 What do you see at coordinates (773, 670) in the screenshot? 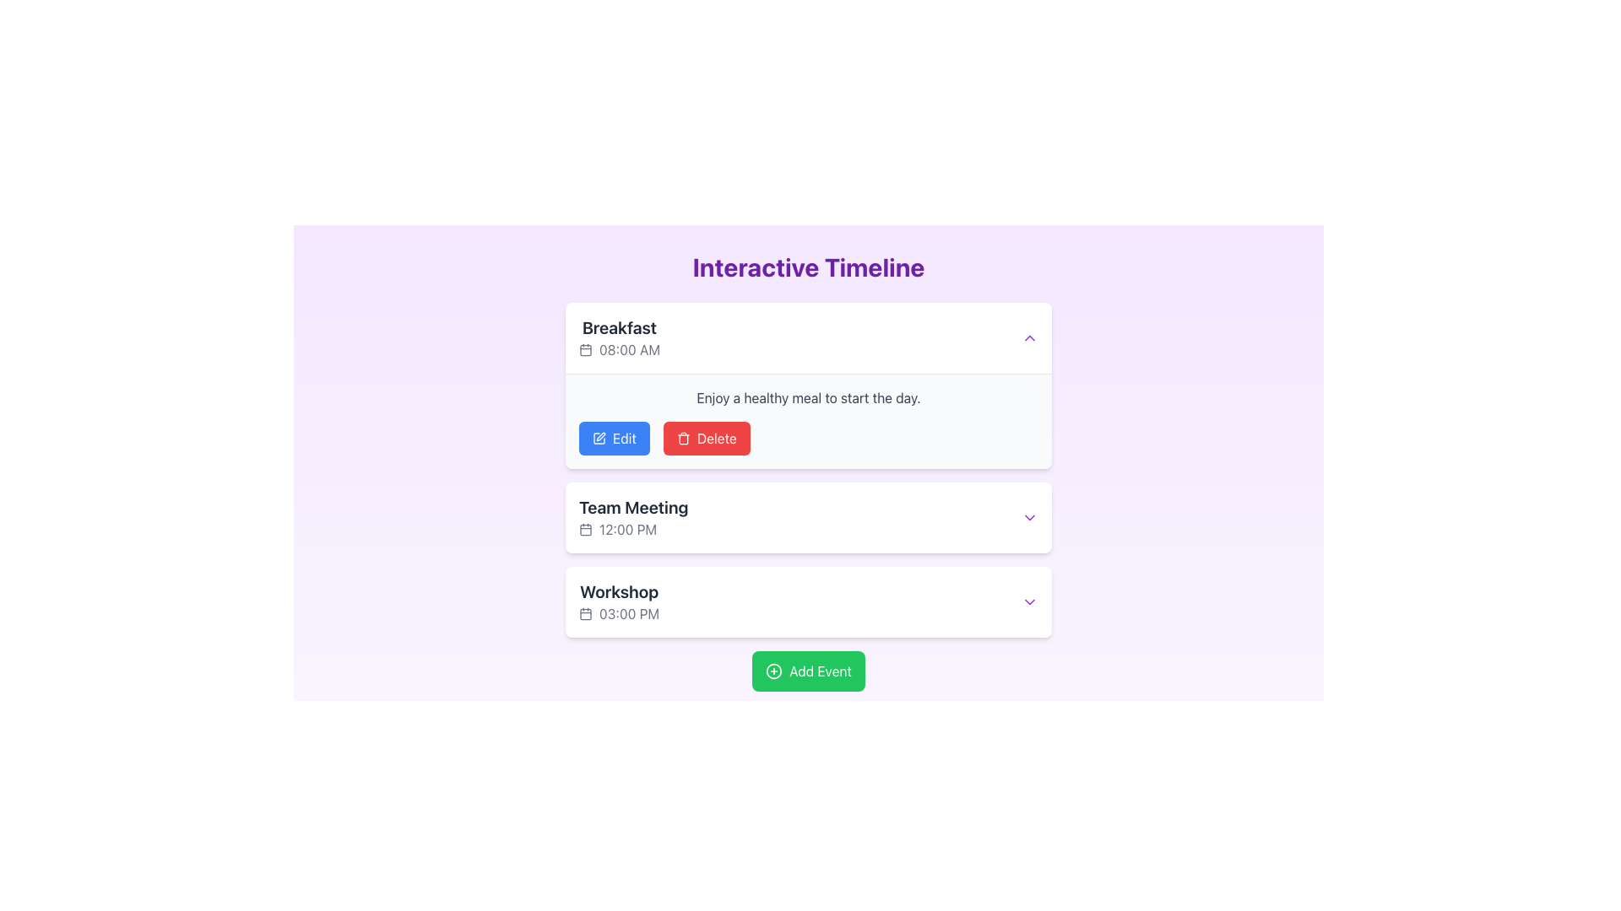
I see `the SVG Circle element which is the outermost circular outline of the '+' icon in the 'Add Event' button` at bounding box center [773, 670].